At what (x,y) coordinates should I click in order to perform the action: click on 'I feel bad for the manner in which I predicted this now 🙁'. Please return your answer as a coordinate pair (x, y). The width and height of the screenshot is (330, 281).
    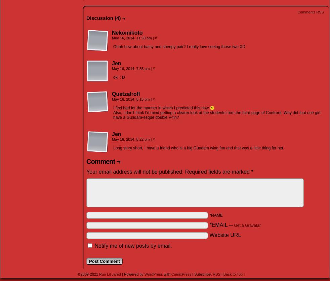
    Looking at the image, I should click on (164, 107).